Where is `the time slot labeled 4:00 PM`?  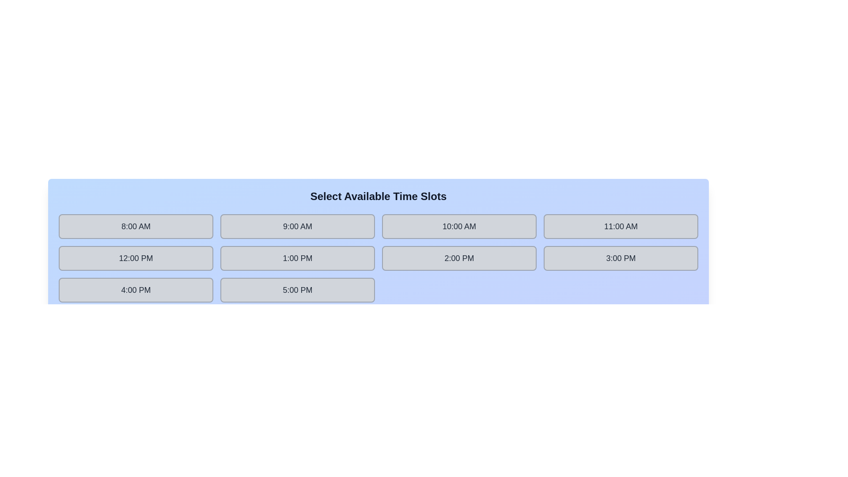
the time slot labeled 4:00 PM is located at coordinates (135, 290).